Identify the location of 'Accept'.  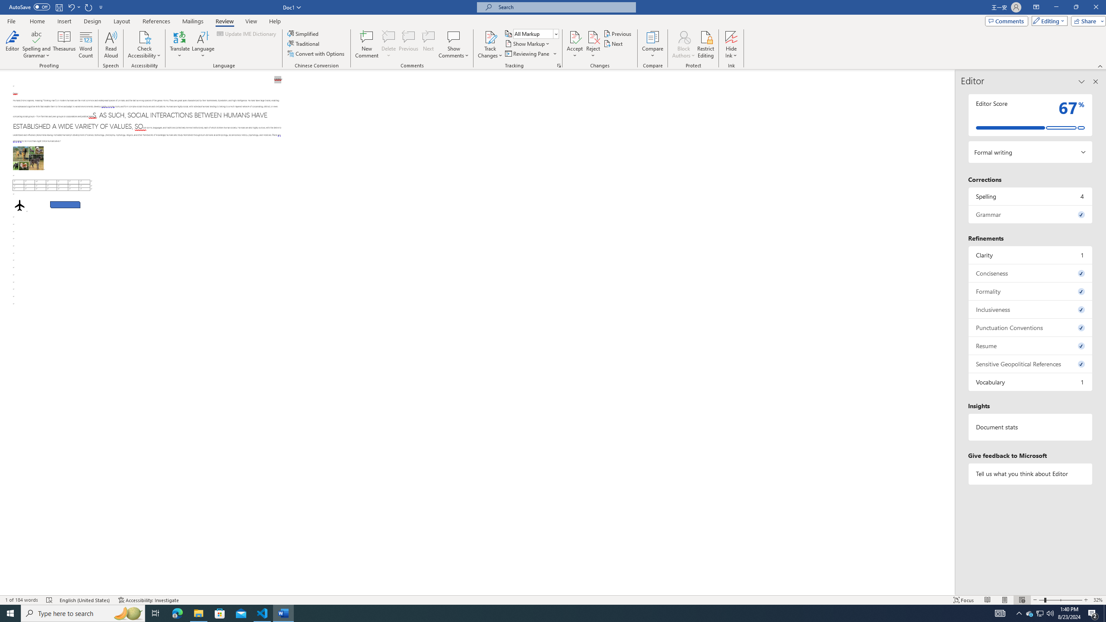
(575, 44).